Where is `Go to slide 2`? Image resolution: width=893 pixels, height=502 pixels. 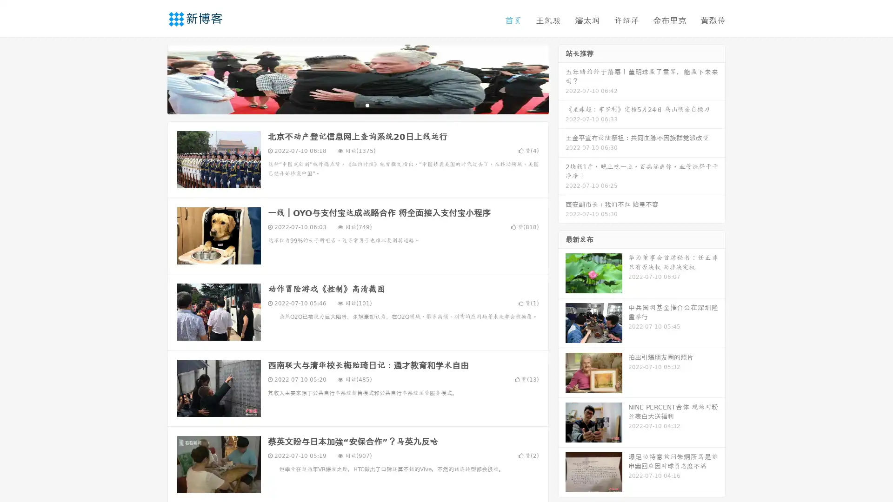 Go to slide 2 is located at coordinates (357, 105).